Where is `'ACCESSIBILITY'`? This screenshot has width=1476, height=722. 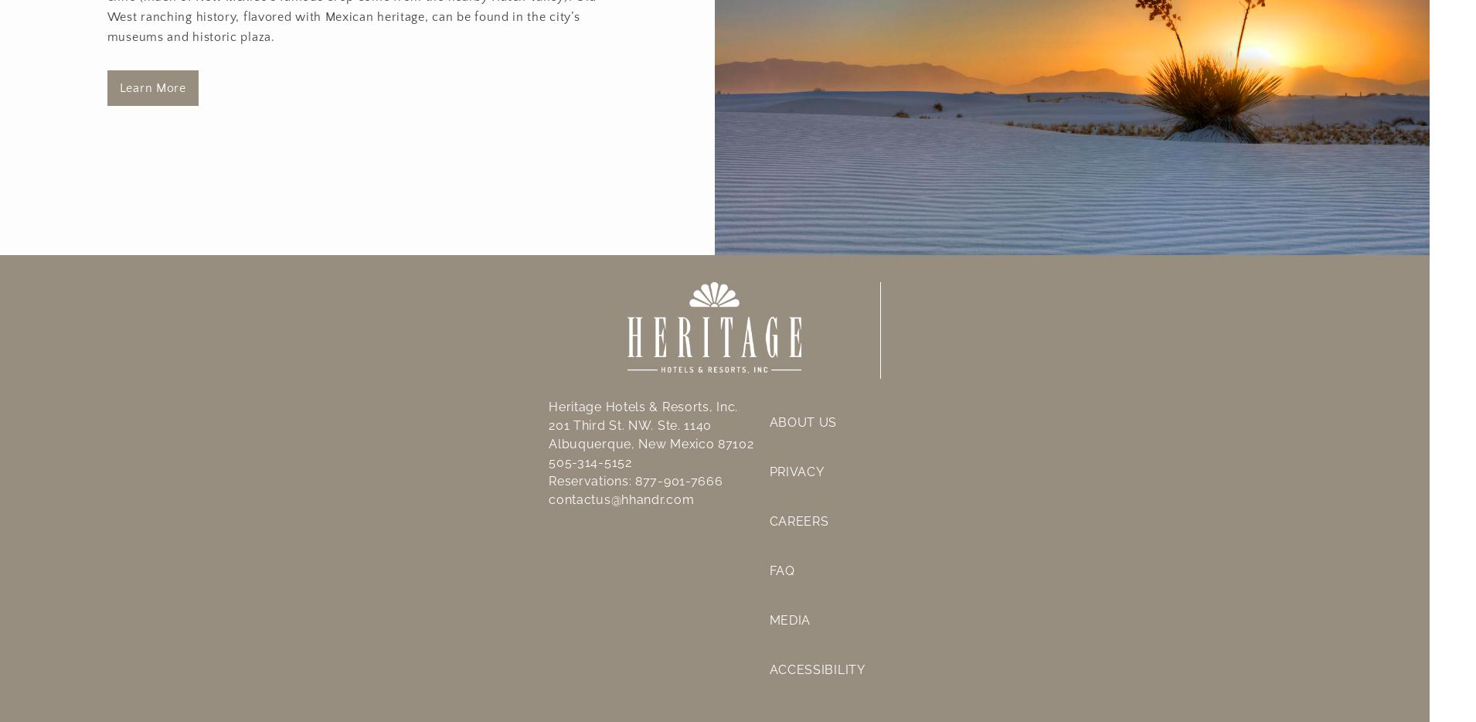
'ACCESSIBILITY' is located at coordinates (815, 668).